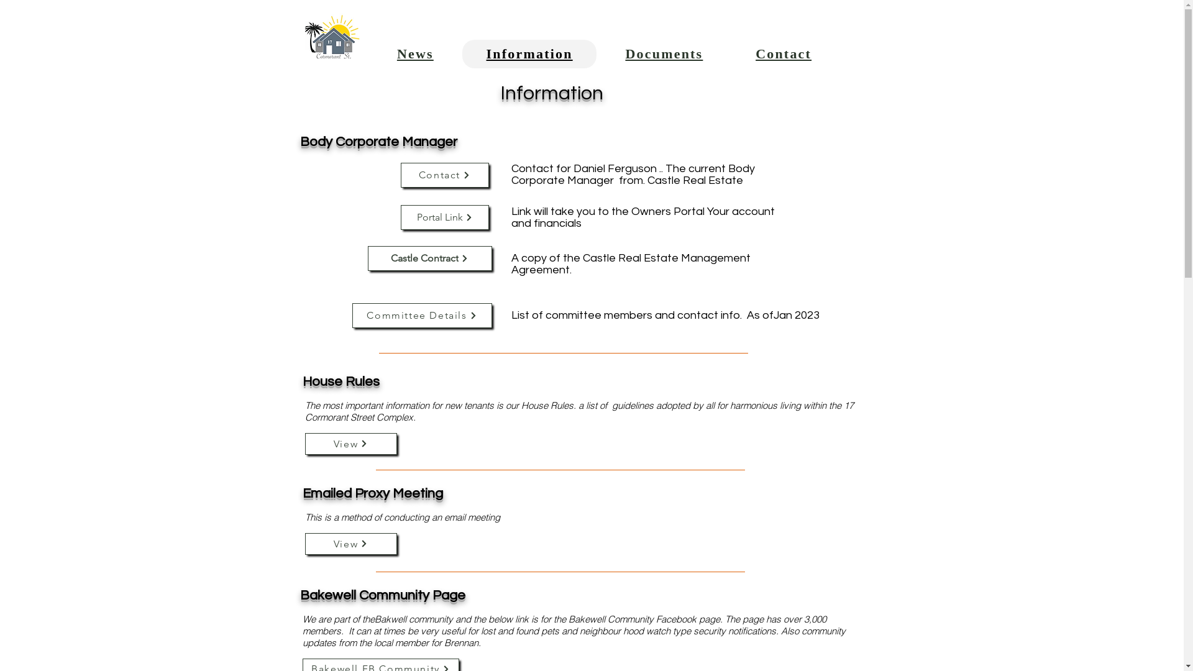 The height and width of the screenshot is (671, 1193). What do you see at coordinates (304, 443) in the screenshot?
I see `'View'` at bounding box center [304, 443].